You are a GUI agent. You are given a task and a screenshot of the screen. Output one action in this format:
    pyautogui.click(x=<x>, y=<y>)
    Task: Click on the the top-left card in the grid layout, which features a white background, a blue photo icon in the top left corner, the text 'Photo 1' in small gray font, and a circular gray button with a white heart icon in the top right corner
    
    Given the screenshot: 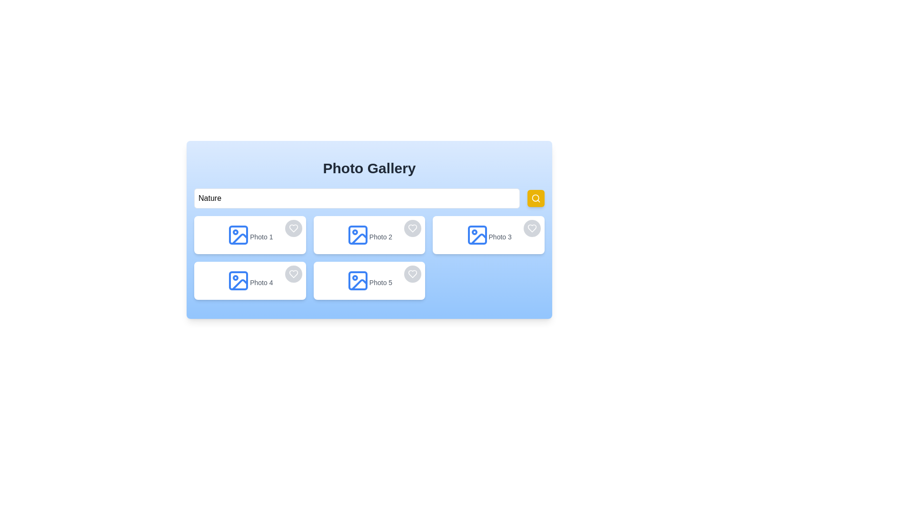 What is the action you would take?
    pyautogui.click(x=250, y=235)
    